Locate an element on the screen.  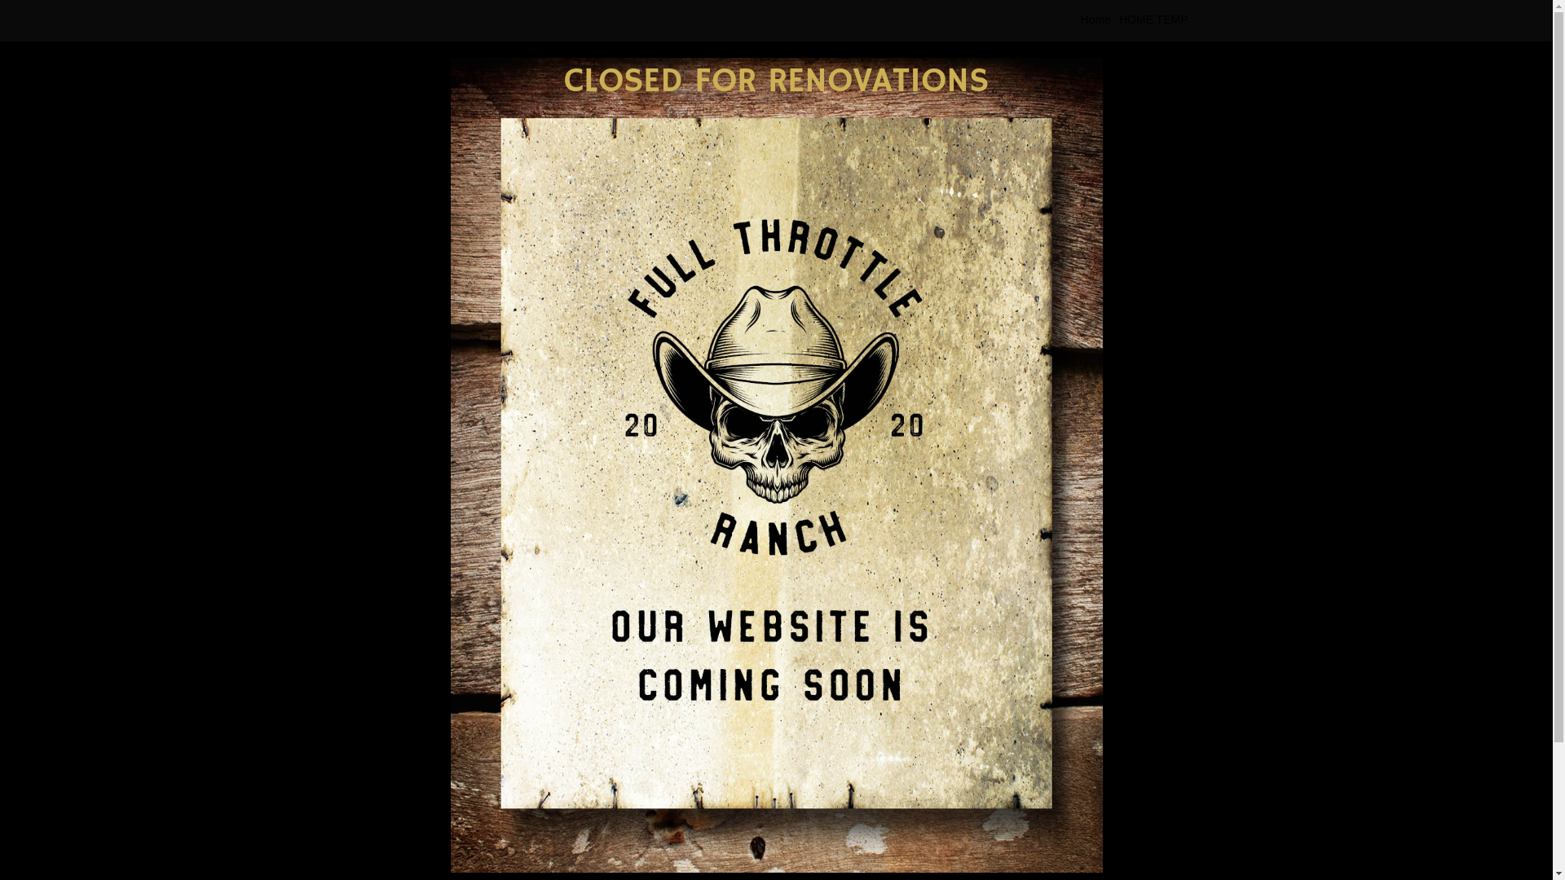
'Home' is located at coordinates (1076, 20).